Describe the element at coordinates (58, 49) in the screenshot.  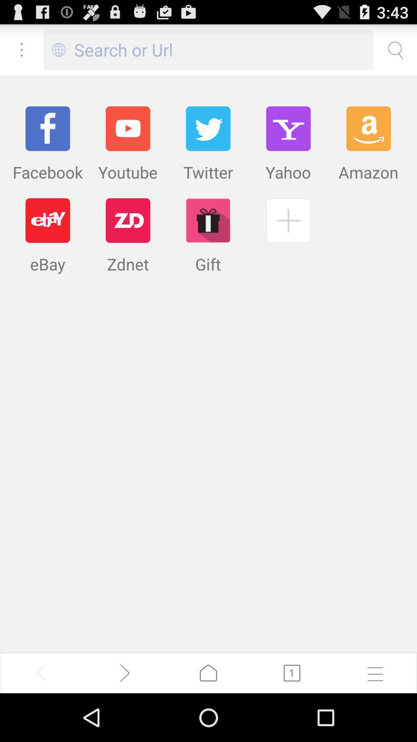
I see `the icon to the left of search or url icon` at that location.